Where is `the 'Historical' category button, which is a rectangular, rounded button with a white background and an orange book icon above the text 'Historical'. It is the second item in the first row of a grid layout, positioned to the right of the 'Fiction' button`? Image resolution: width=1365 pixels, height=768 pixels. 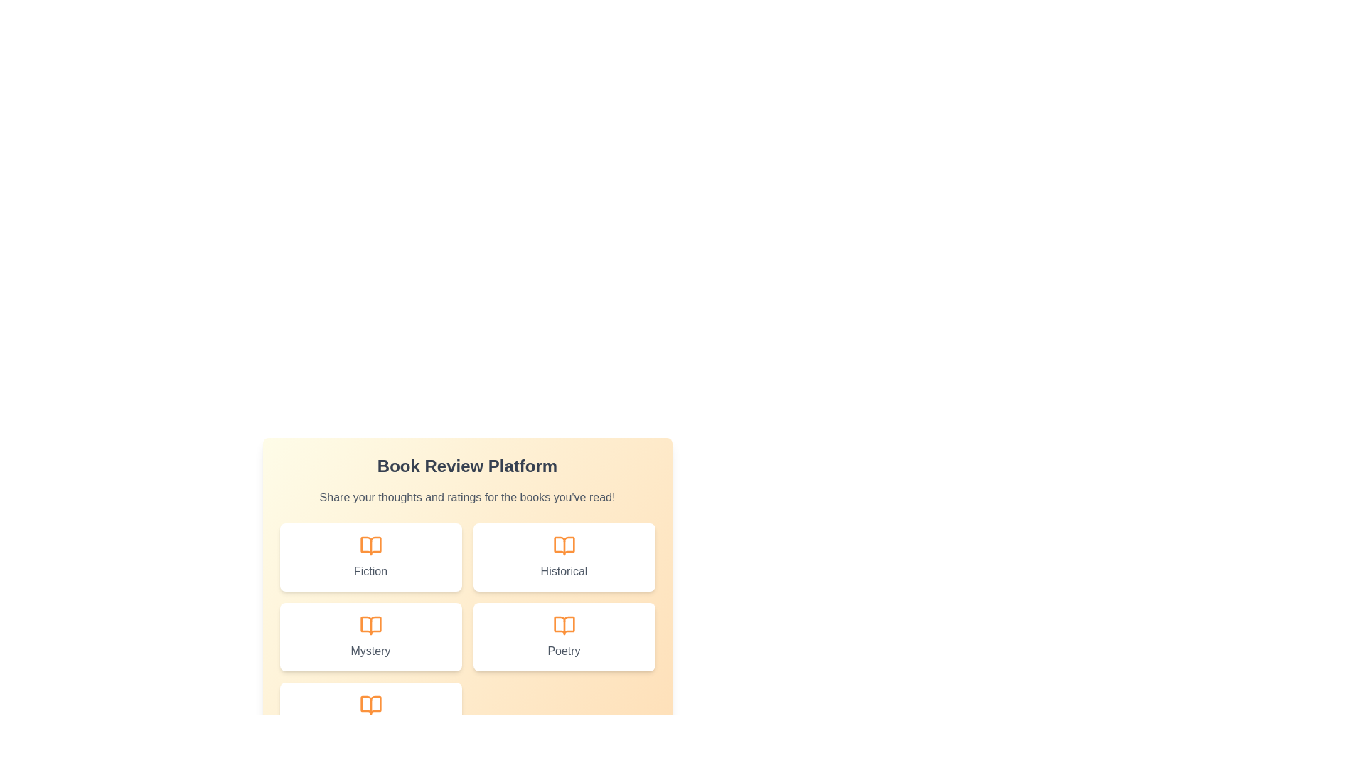 the 'Historical' category button, which is a rectangular, rounded button with a white background and an orange book icon above the text 'Historical'. It is the second item in the first row of a grid layout, positioned to the right of the 'Fiction' button is located at coordinates (563, 556).